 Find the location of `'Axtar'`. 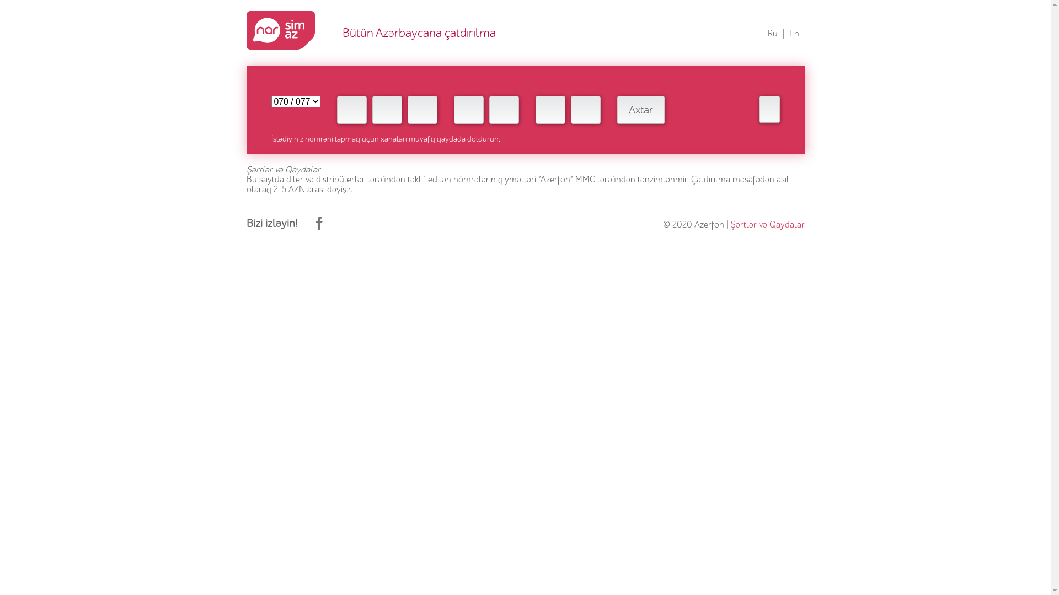

'Axtar' is located at coordinates (640, 110).